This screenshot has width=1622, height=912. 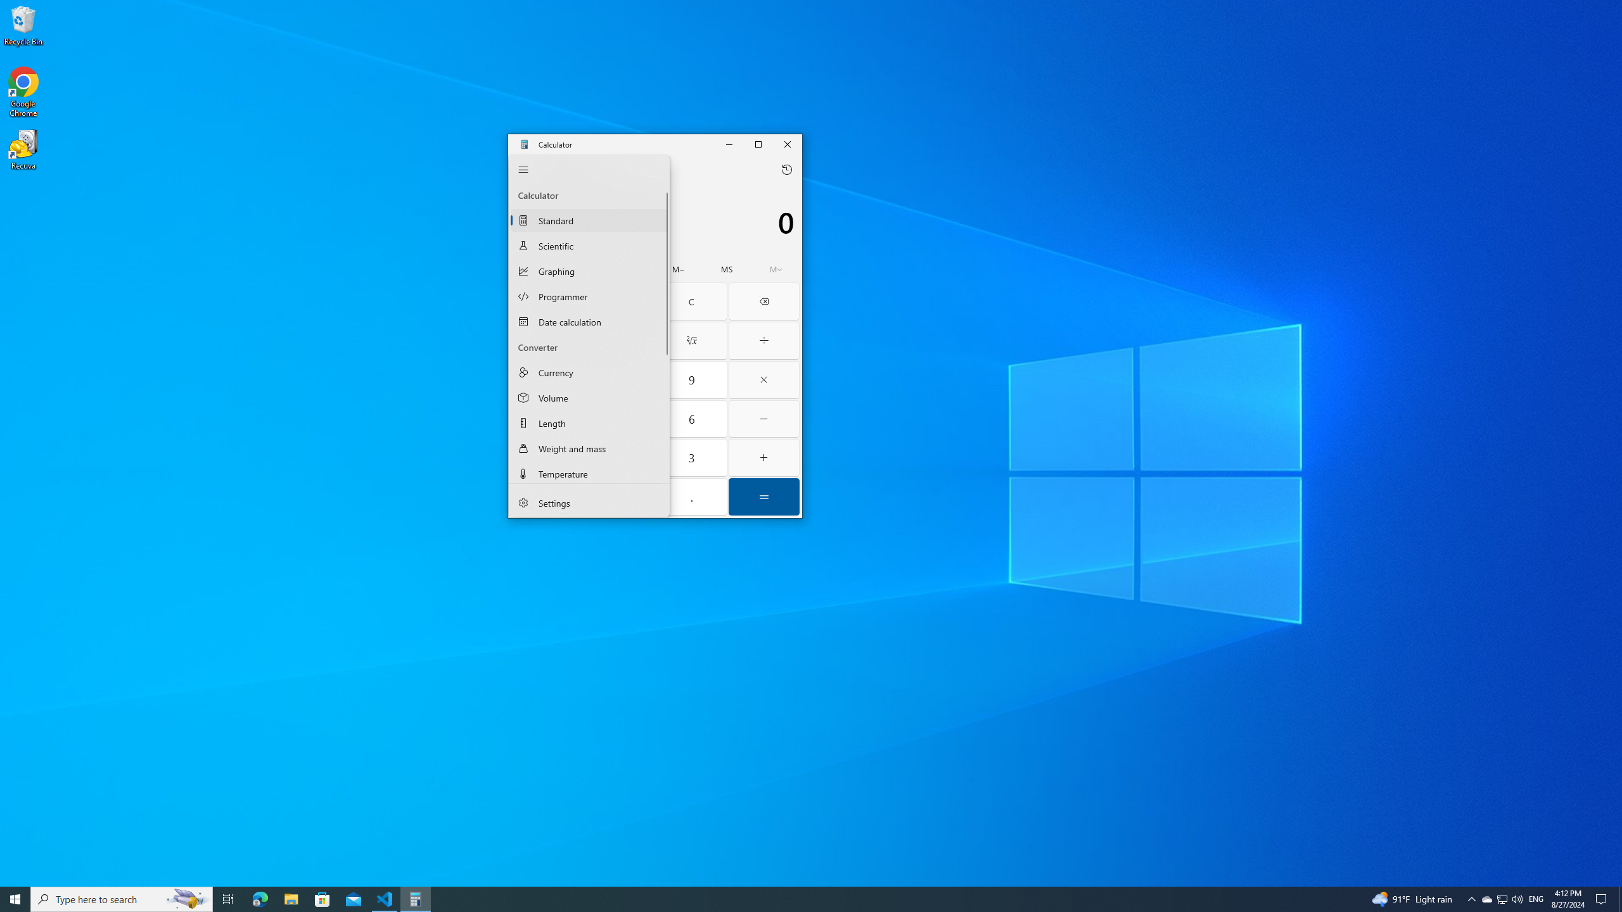 What do you see at coordinates (690, 339) in the screenshot?
I see `'Square root'` at bounding box center [690, 339].